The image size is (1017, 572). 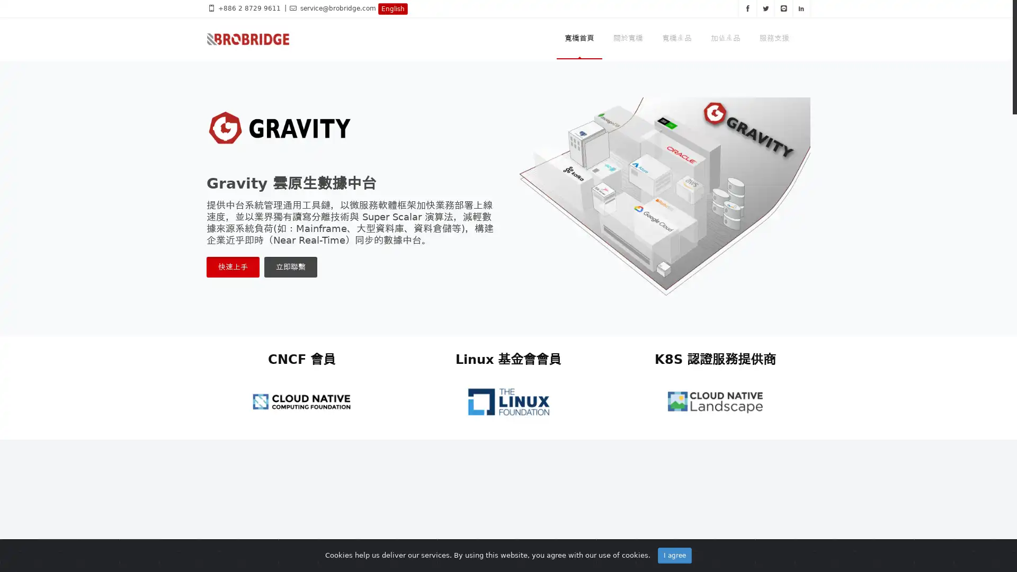 I want to click on English, so click(x=391, y=8).